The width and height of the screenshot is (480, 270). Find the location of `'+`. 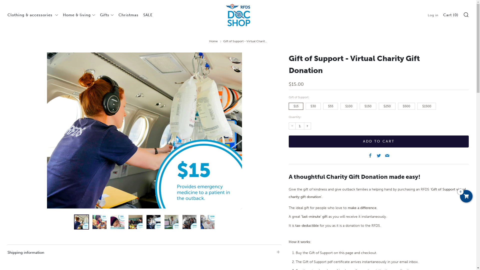

'+ is located at coordinates (307, 126).